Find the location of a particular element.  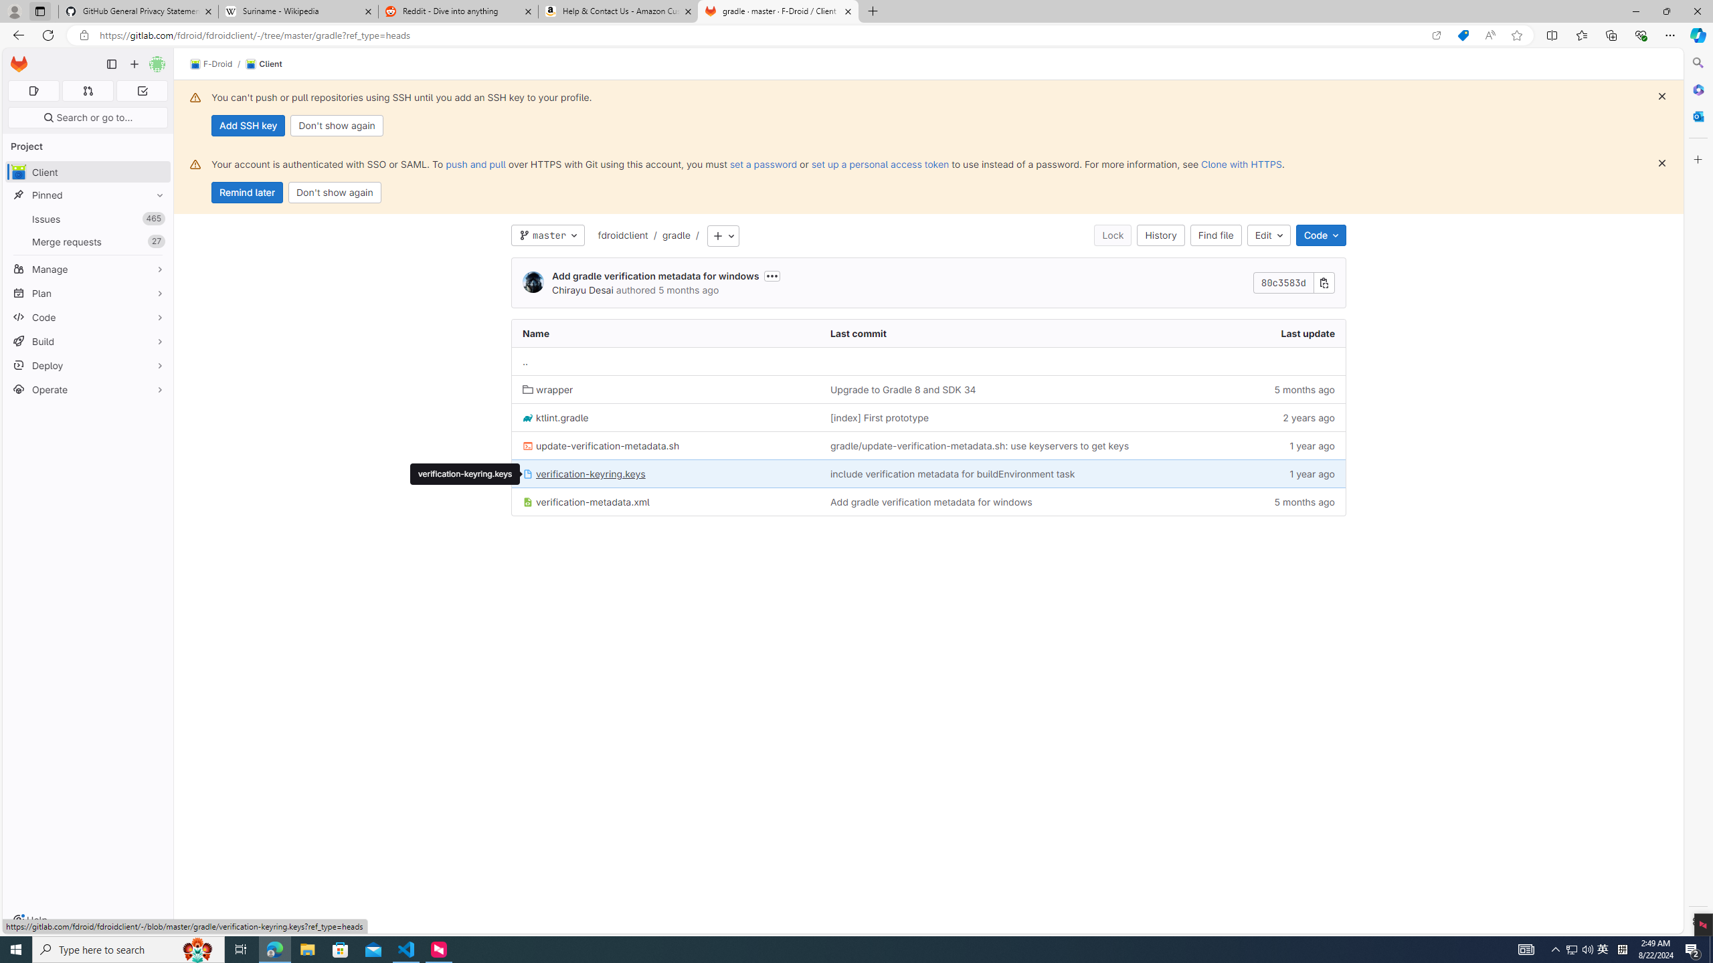

'Add to tree' is located at coordinates (723, 235).